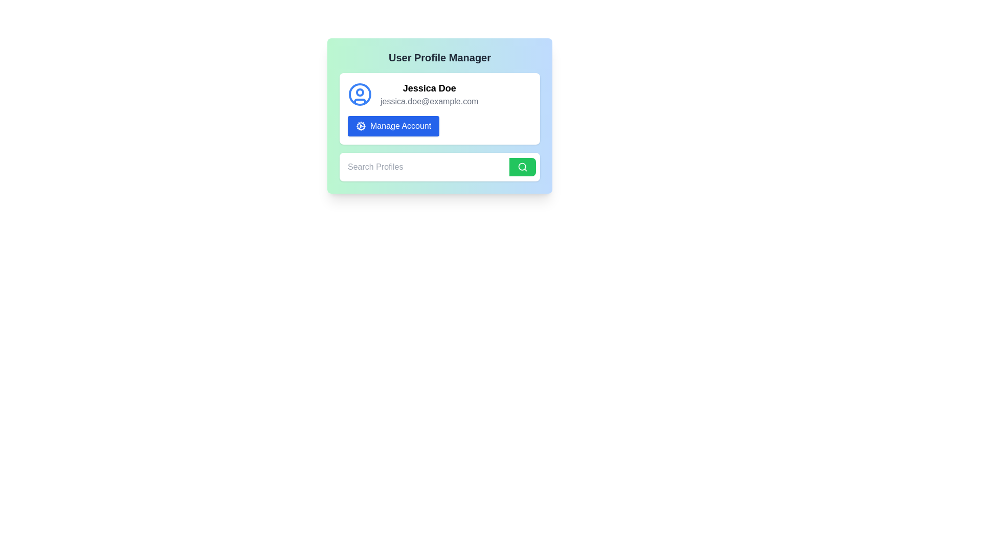 Image resolution: width=982 pixels, height=552 pixels. Describe the element at coordinates (439, 95) in the screenshot. I see `user identification display element, which shows the name 'Jessica Doe' and the user's email, located above the 'Manage Account' button and aligned with the user avatar icon` at that location.